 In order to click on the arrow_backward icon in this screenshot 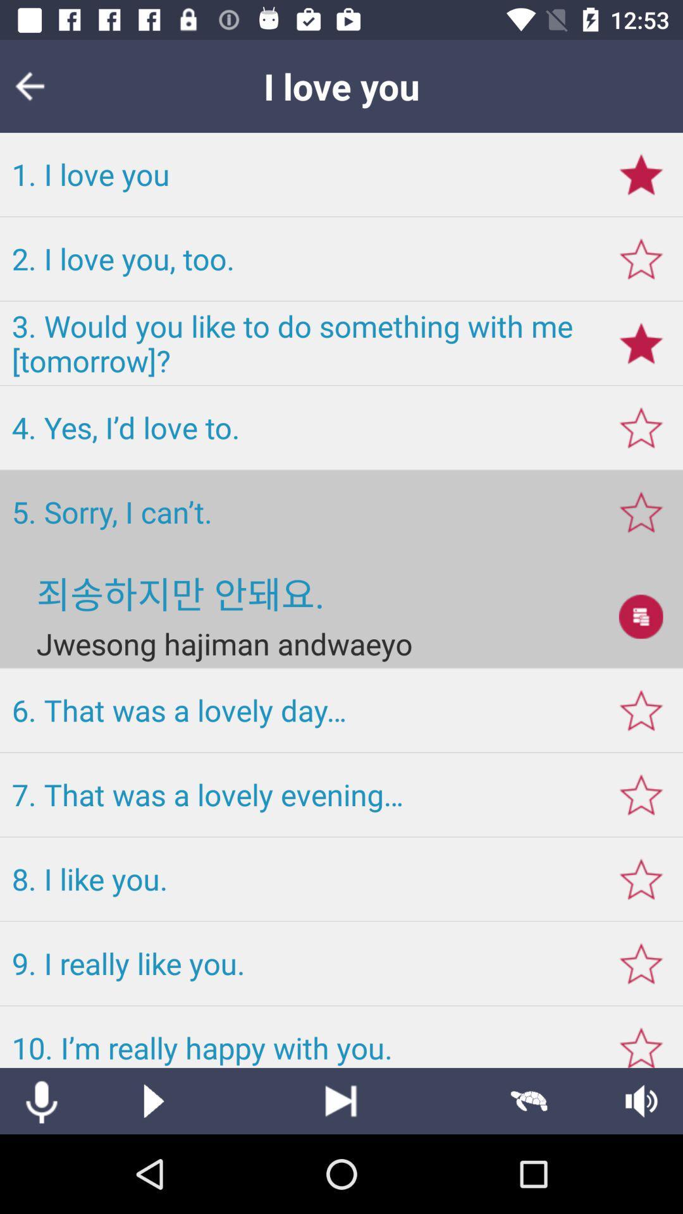, I will do `click(37, 85)`.